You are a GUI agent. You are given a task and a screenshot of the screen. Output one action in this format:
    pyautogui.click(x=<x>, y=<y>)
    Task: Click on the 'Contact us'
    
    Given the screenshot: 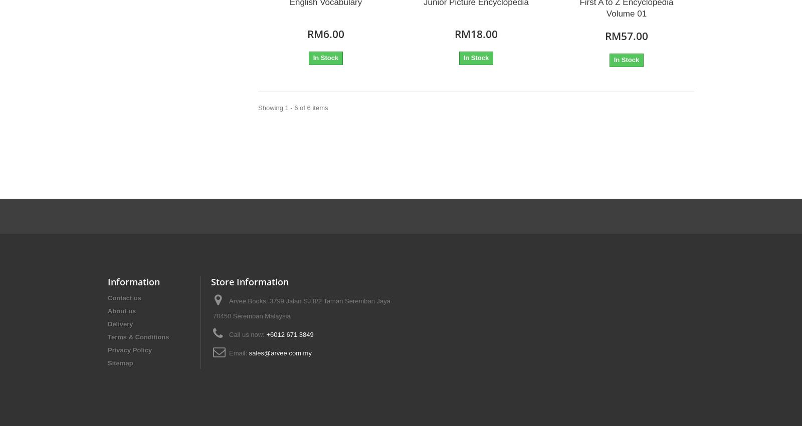 What is the action you would take?
    pyautogui.click(x=124, y=297)
    